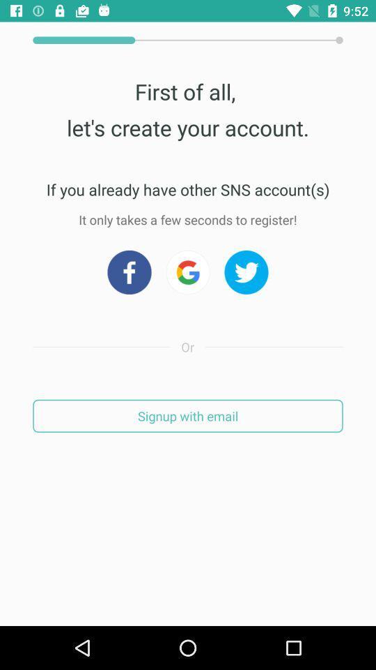 The width and height of the screenshot is (376, 670). What do you see at coordinates (129, 271) in the screenshot?
I see `the facebook icon` at bounding box center [129, 271].